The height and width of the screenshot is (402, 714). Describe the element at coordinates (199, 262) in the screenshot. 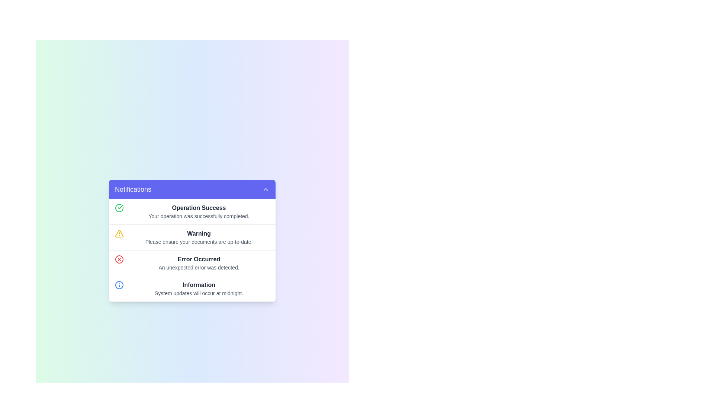

I see `error message displayed in the text block, which includes 'Error Occurred' in bold and 'An unexpected error was detected.' below it. This text block is the third message in a vertical notification list, located below 'Warning' and above 'Information'` at that location.